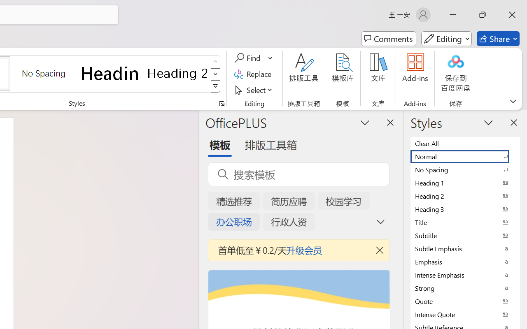  Describe the element at coordinates (215, 62) in the screenshot. I see `'Row up'` at that location.